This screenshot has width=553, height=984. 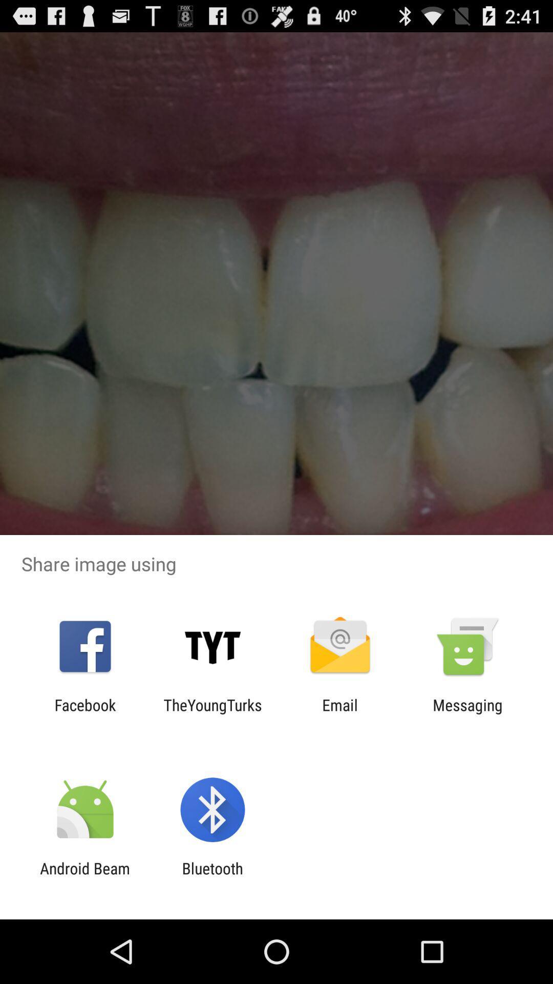 What do you see at coordinates (340, 713) in the screenshot?
I see `the app next to messaging app` at bounding box center [340, 713].